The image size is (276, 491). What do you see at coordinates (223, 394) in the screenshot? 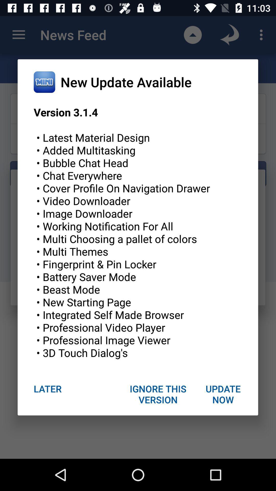
I see `item below the version 3 1 item` at bounding box center [223, 394].